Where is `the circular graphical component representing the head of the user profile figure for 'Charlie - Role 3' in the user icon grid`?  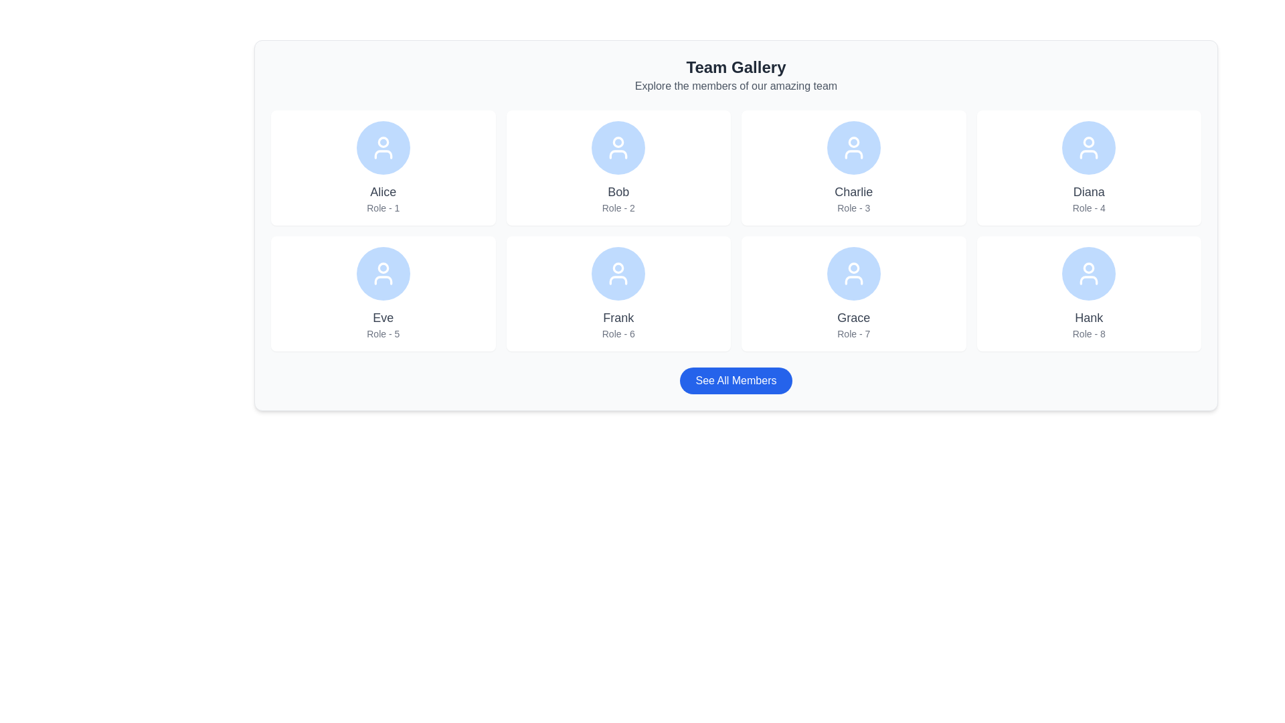
the circular graphical component representing the head of the user profile figure for 'Charlie - Role 3' in the user icon grid is located at coordinates (853, 142).